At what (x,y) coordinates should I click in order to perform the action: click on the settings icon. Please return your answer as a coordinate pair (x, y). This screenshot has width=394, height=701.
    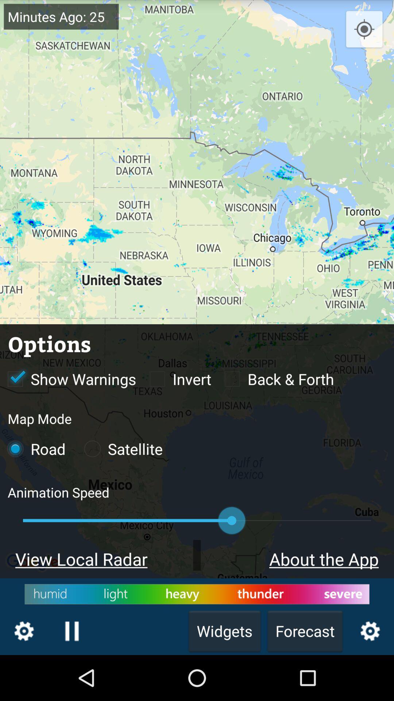
    Looking at the image, I should click on (370, 675).